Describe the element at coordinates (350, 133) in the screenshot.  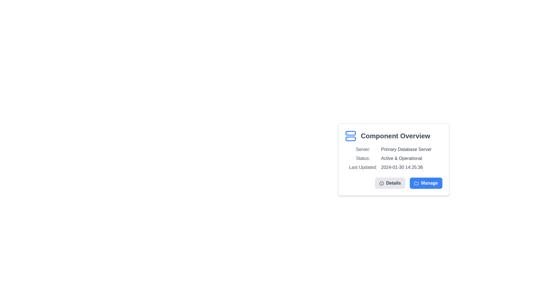
I see `the small rectangle at the upper part of the server icon, which has a blue outline and white fill, located in the top section of the 'Component Overview' card` at that location.